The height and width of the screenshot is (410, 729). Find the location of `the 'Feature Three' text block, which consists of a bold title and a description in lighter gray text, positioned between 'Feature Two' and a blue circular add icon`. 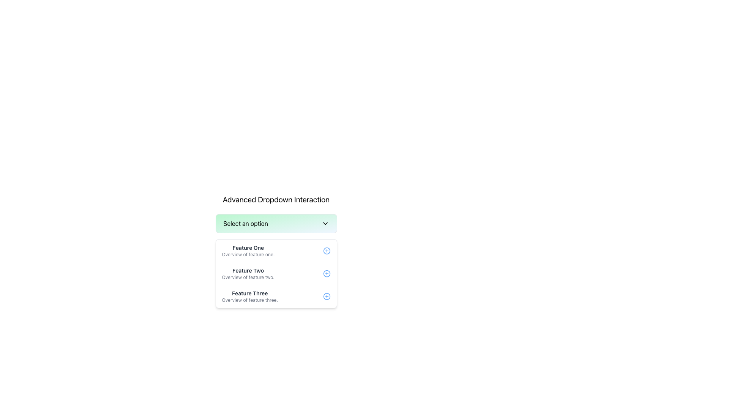

the 'Feature Three' text block, which consists of a bold title and a description in lighter gray text, positioned between 'Feature Two' and a blue circular add icon is located at coordinates (250, 296).